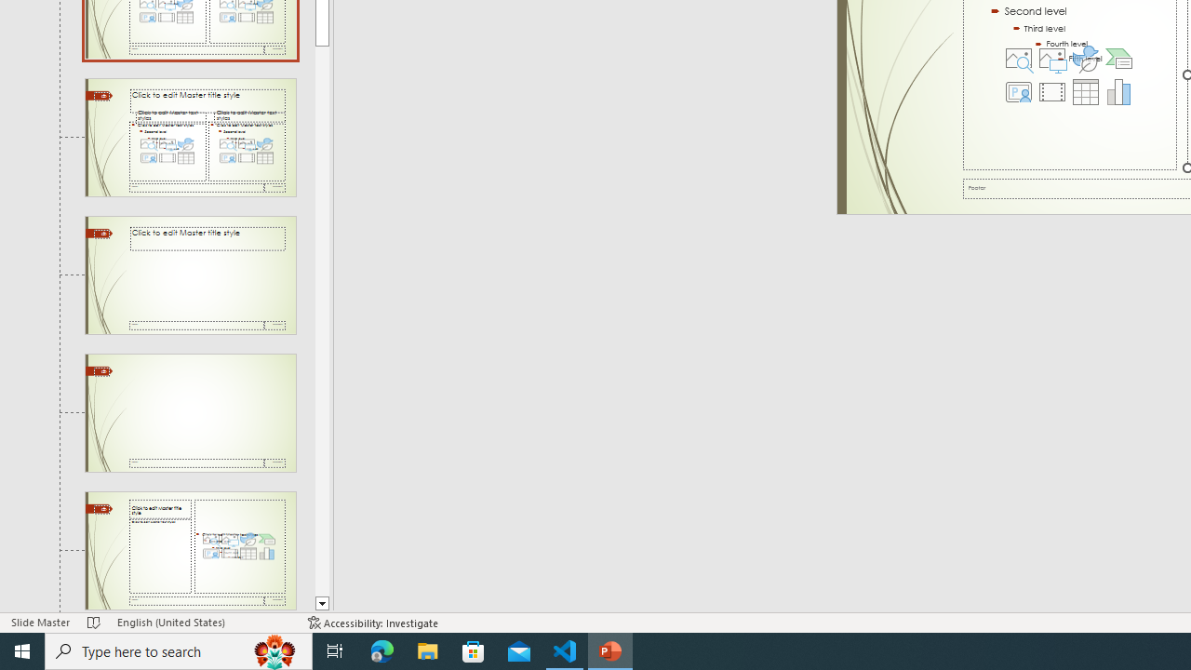 Image resolution: width=1191 pixels, height=670 pixels. I want to click on 'Slide Two Content Layout: used by no slides', so click(190, 136).